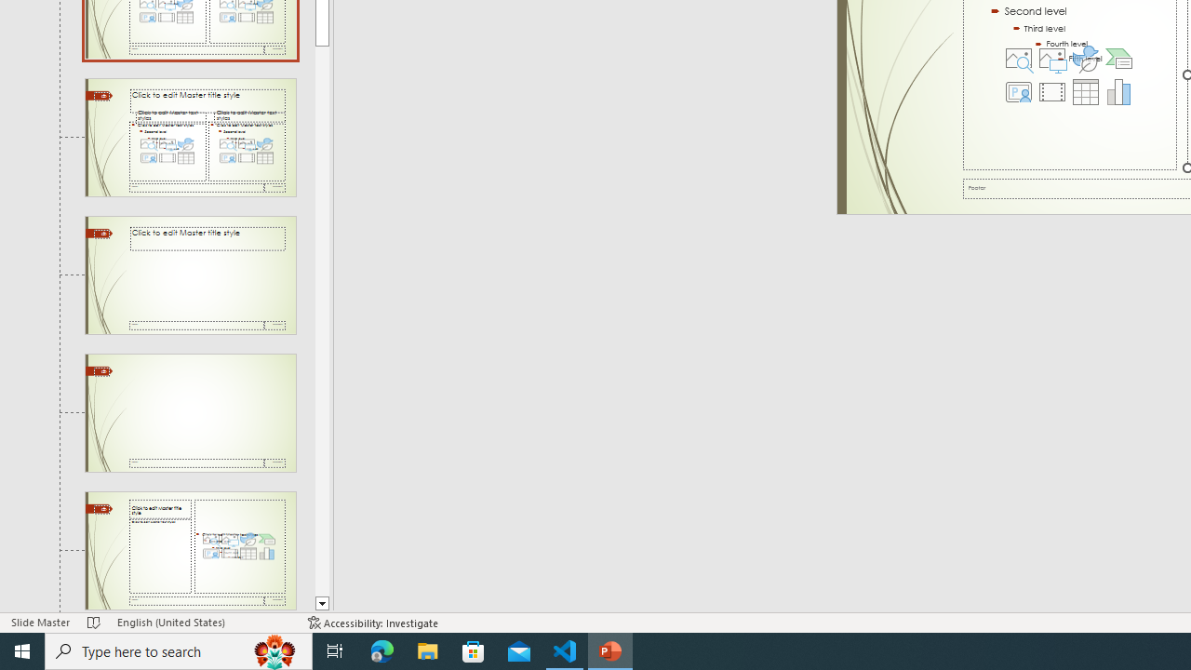 Image resolution: width=1191 pixels, height=670 pixels. I want to click on 'Slide Two Content Layout: used by no slides', so click(190, 136).